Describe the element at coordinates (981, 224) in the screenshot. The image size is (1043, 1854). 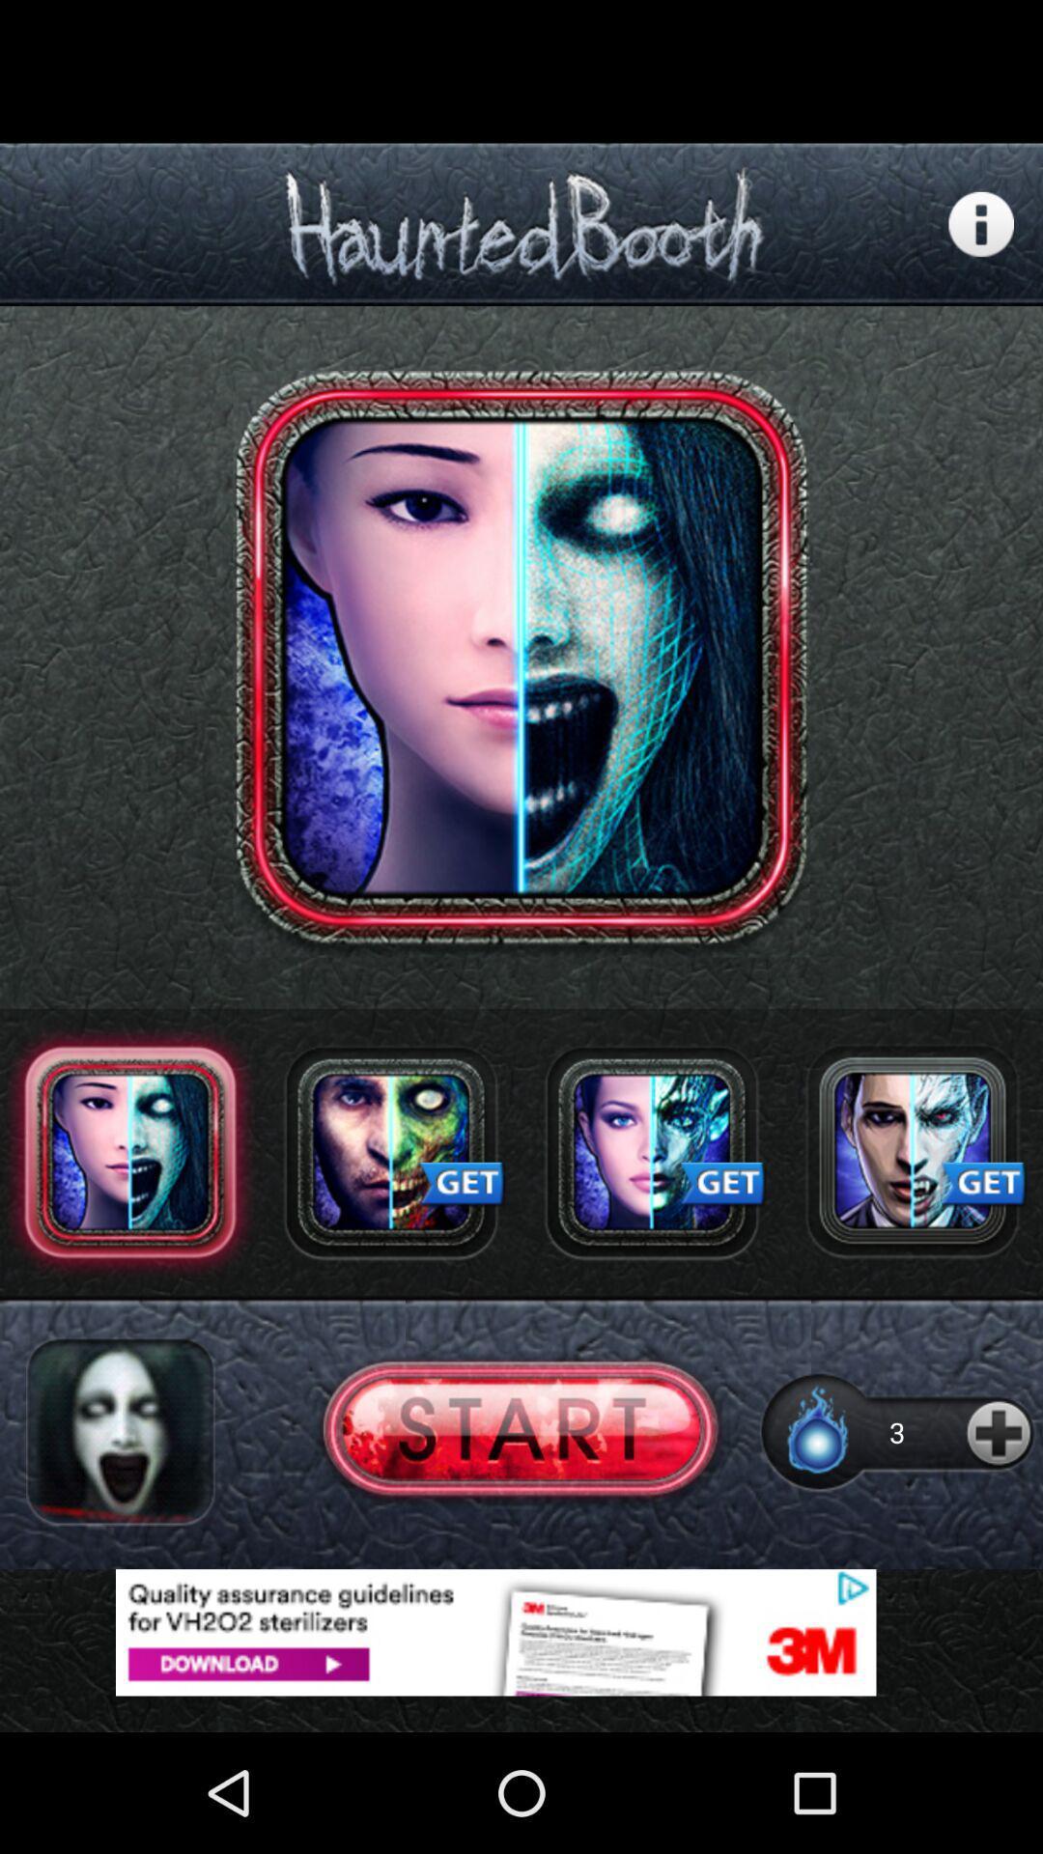
I see `more information` at that location.